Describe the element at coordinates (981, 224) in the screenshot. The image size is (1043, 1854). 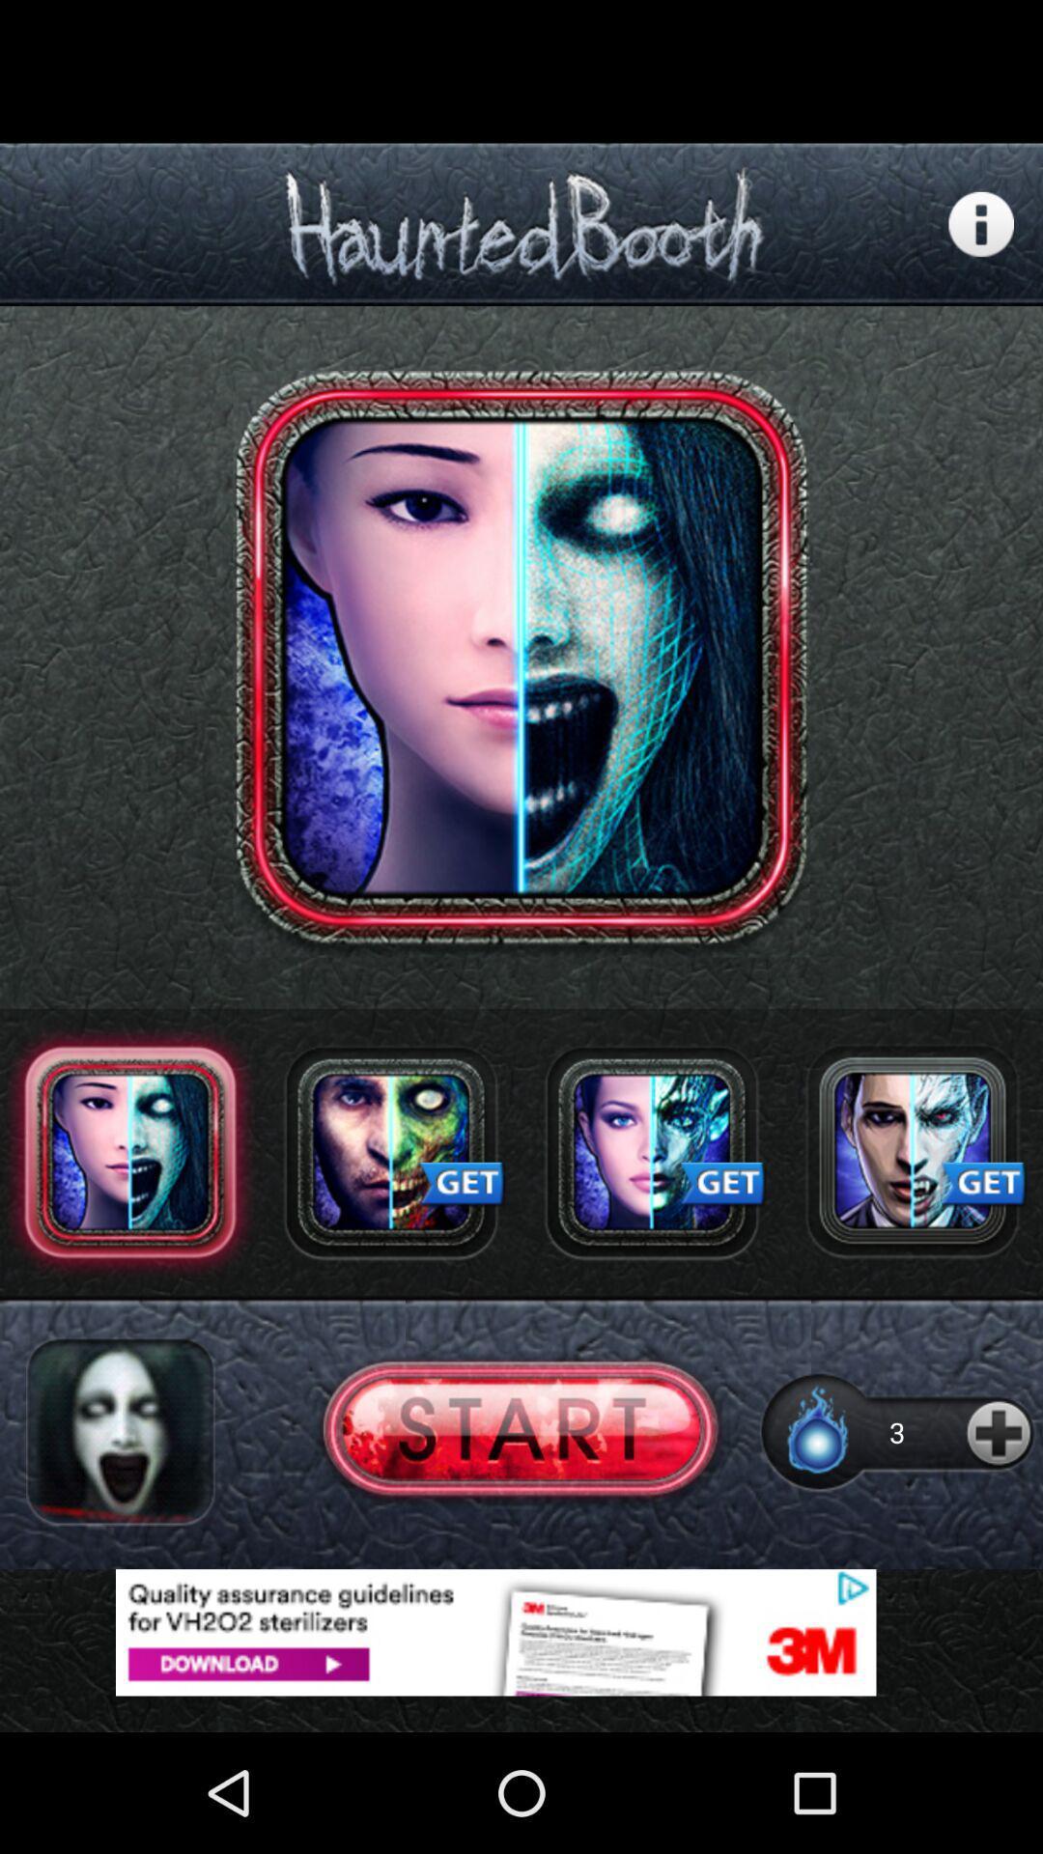
I see `more information` at that location.